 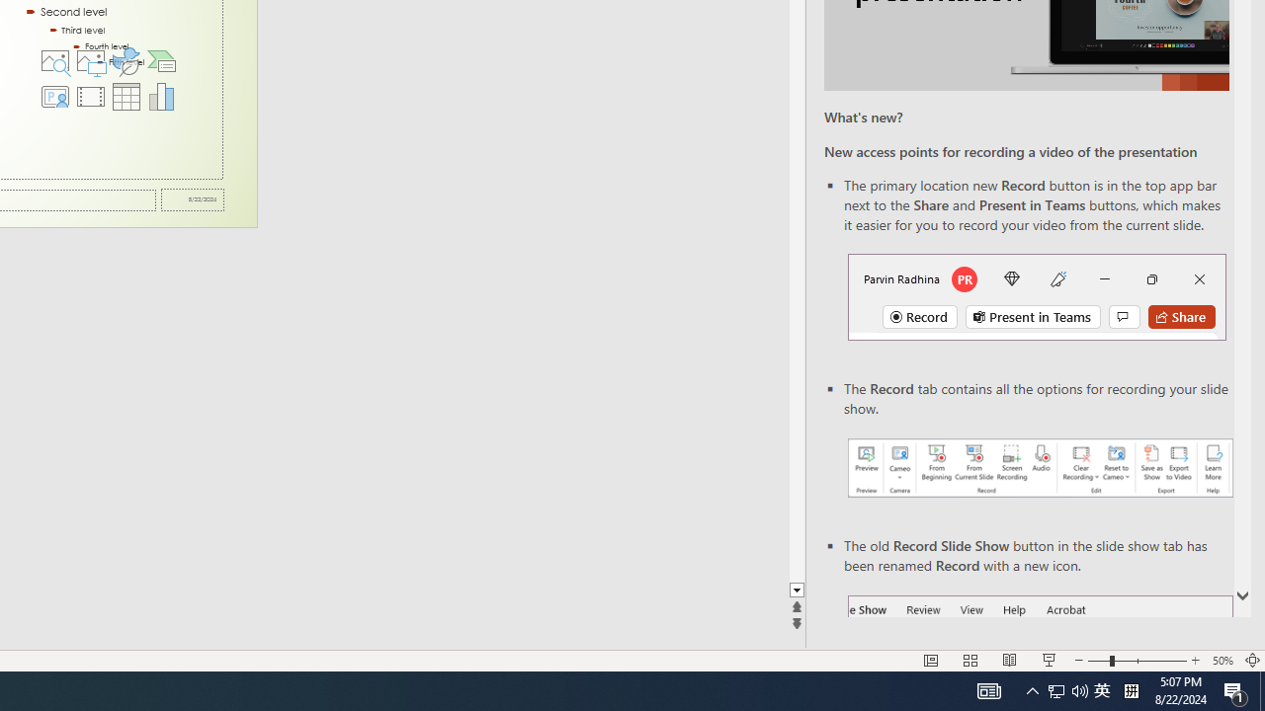 I want to click on 'Date', so click(x=192, y=199).